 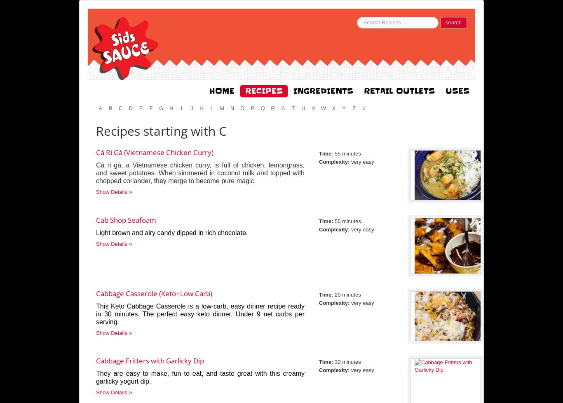 I want to click on 'h', so click(x=171, y=108).